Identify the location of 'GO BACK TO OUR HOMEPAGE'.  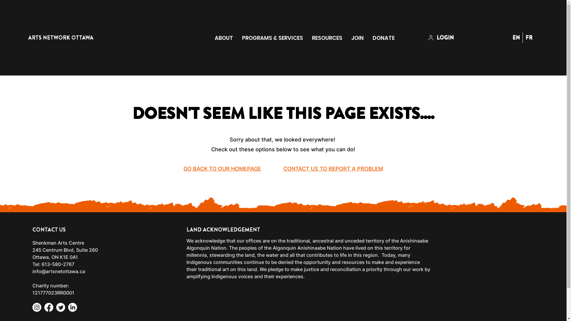
(183, 169).